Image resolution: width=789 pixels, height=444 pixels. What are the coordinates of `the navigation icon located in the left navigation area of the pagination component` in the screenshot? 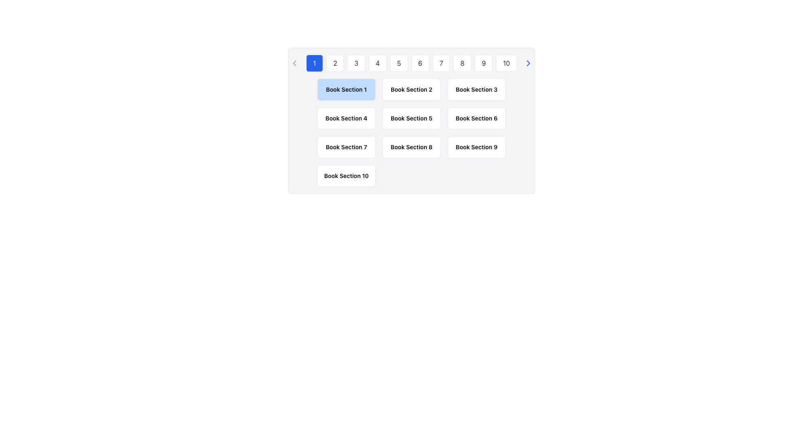 It's located at (294, 63).